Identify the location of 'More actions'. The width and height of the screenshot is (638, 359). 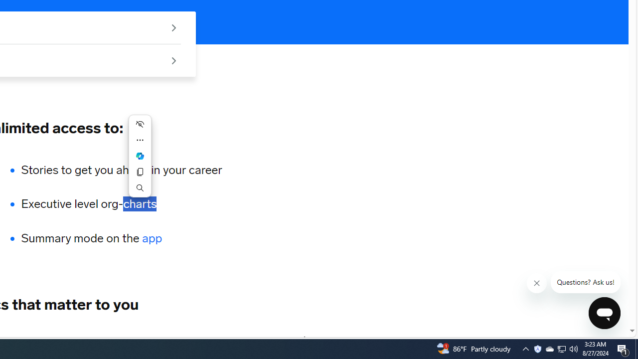
(139, 140).